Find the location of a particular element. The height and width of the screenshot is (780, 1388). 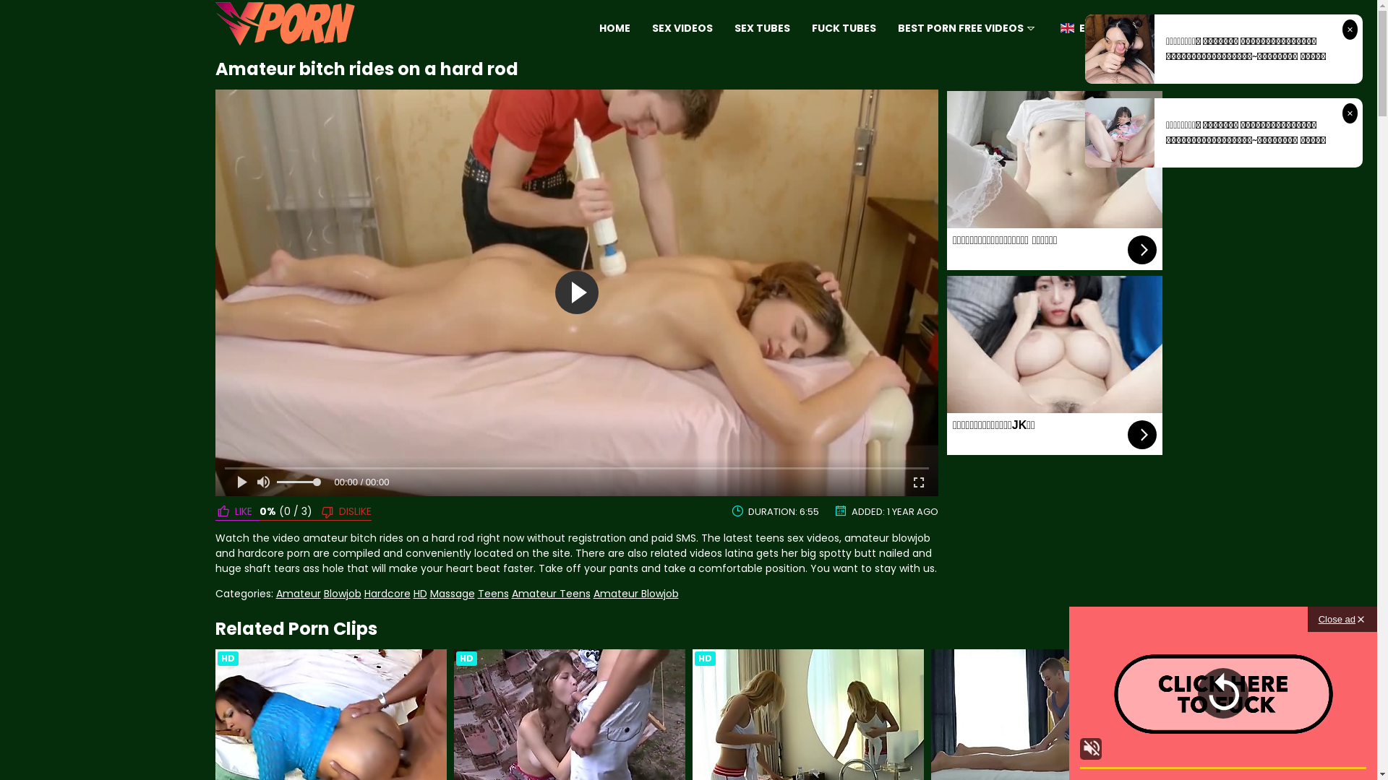

'Hardcore' is located at coordinates (387, 593).